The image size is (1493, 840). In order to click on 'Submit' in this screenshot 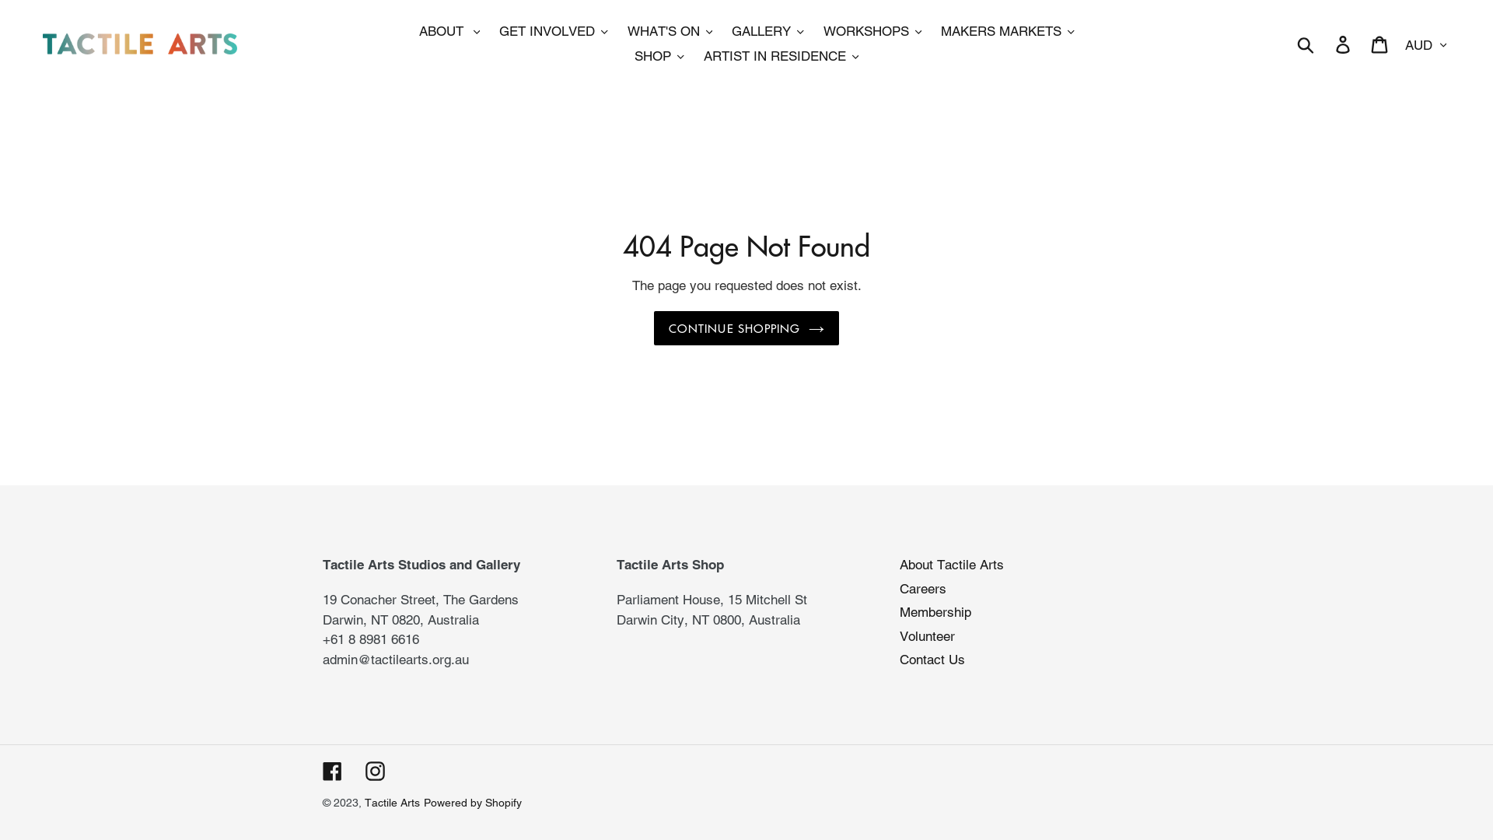, I will do `click(1288, 43)`.